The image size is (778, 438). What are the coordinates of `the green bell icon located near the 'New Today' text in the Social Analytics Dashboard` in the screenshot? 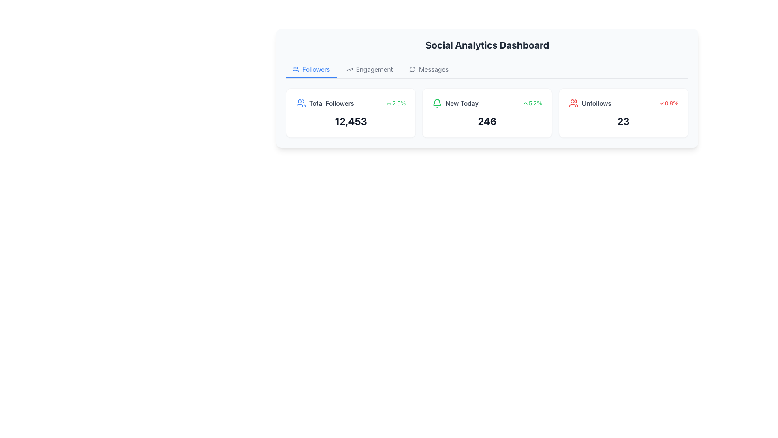 It's located at (437, 102).